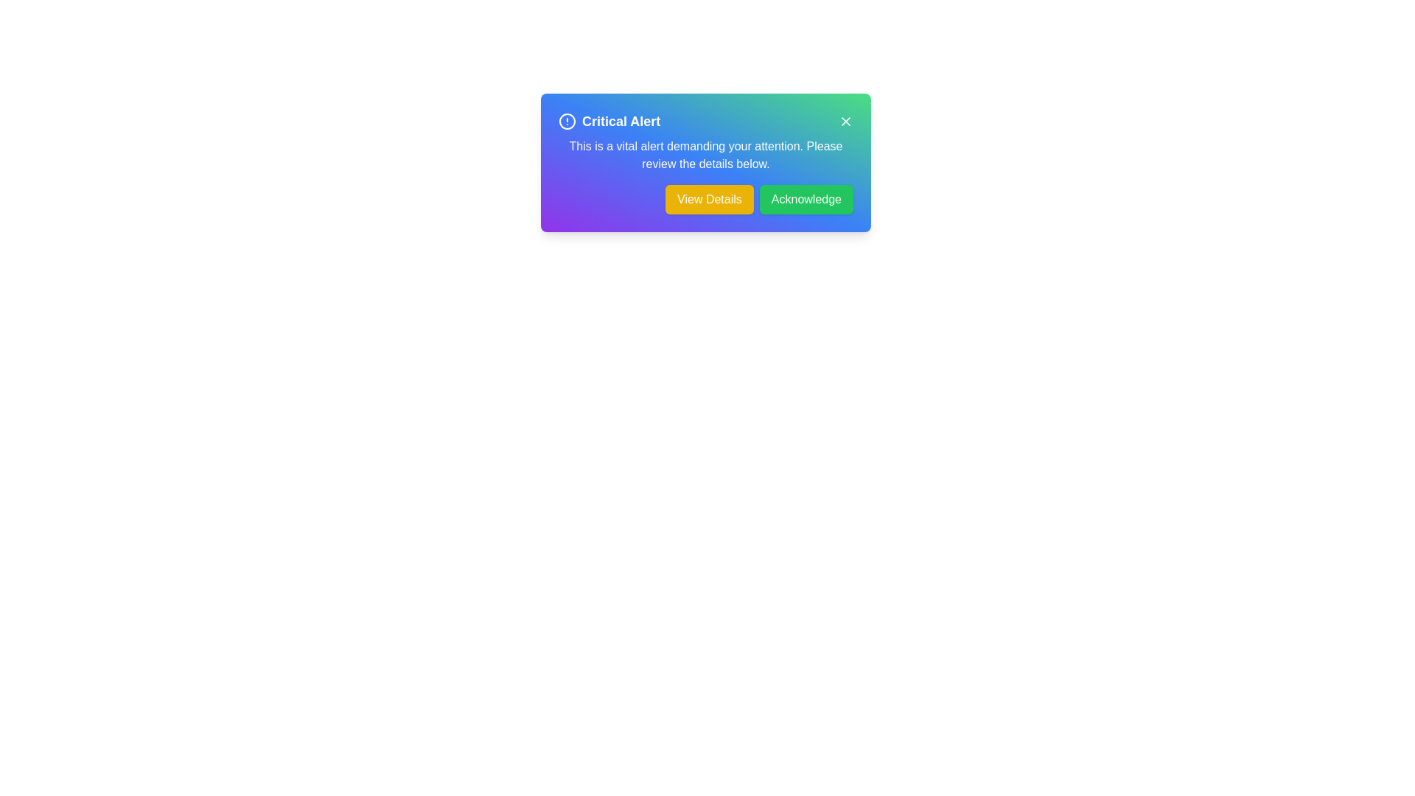 This screenshot has height=796, width=1415. What do you see at coordinates (566, 121) in the screenshot?
I see `the circular alert icon located in the header of the notification, which is adjacent to the 'Critical Alert' text` at bounding box center [566, 121].